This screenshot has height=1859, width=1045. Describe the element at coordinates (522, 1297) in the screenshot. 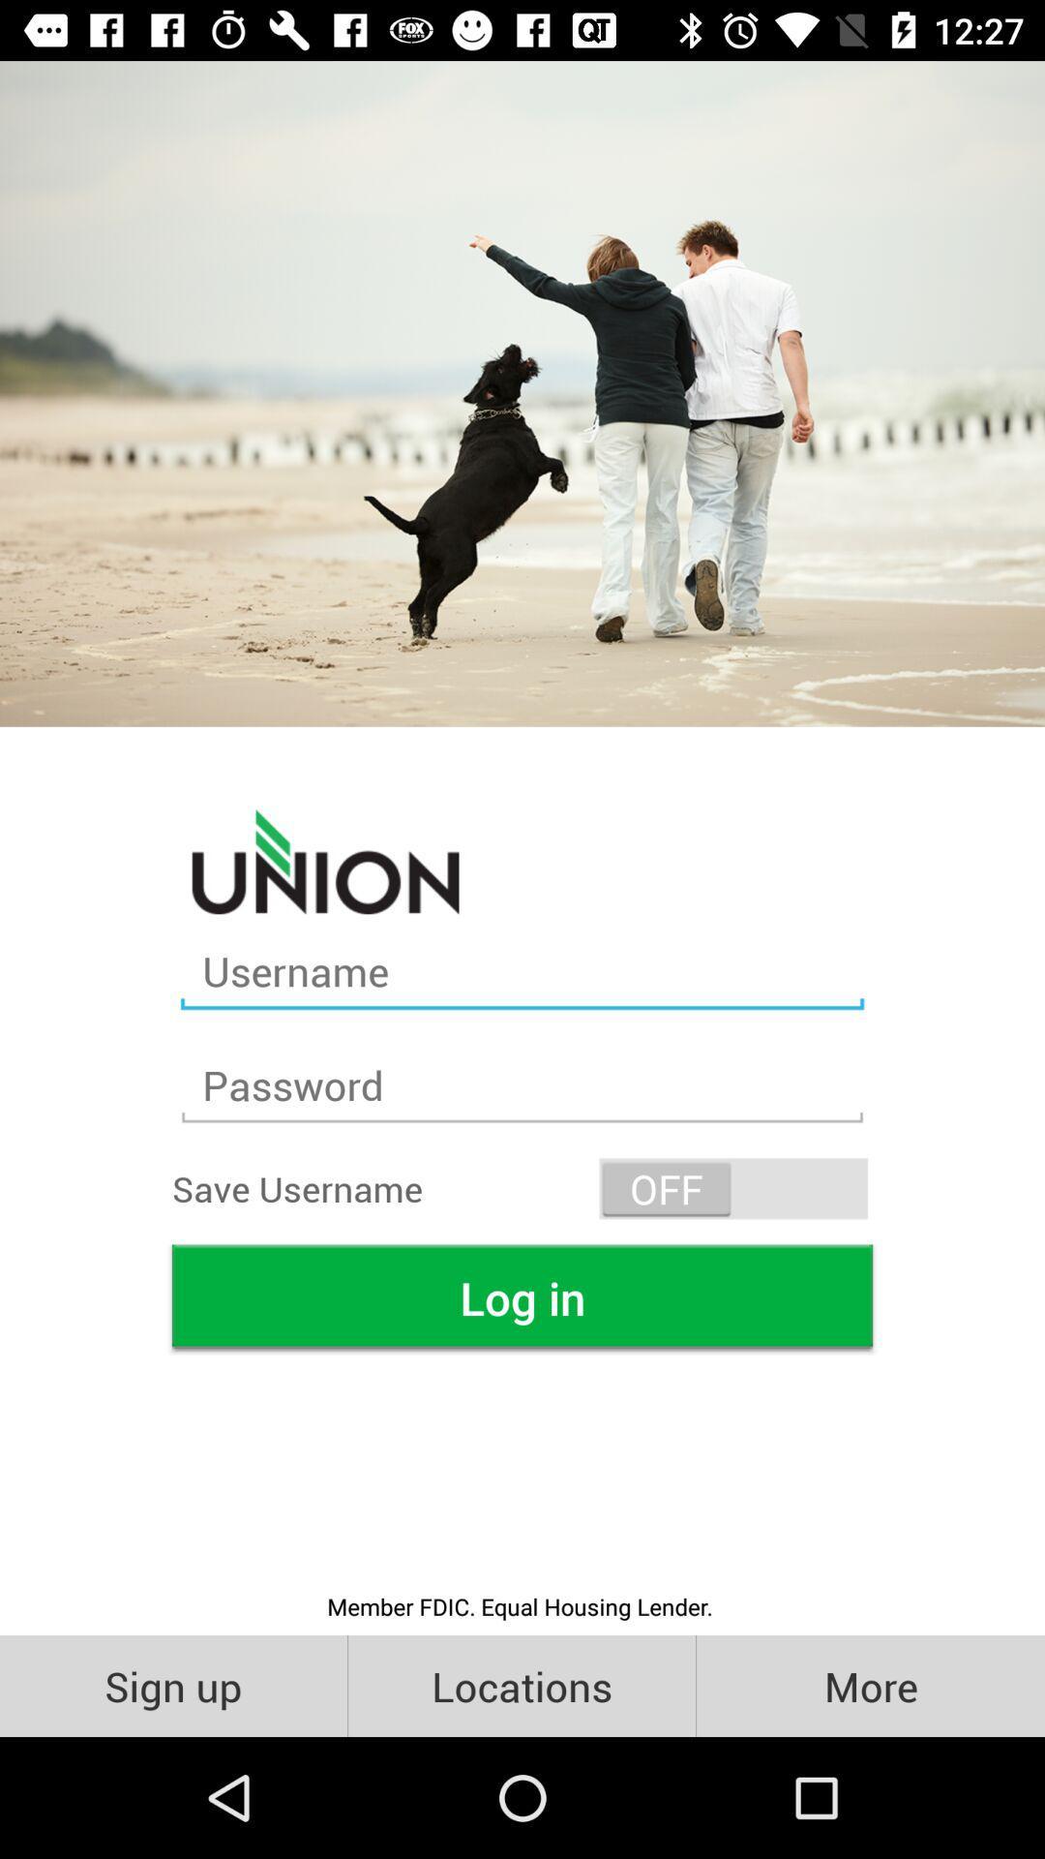

I see `the icon above the member fdic equal` at that location.